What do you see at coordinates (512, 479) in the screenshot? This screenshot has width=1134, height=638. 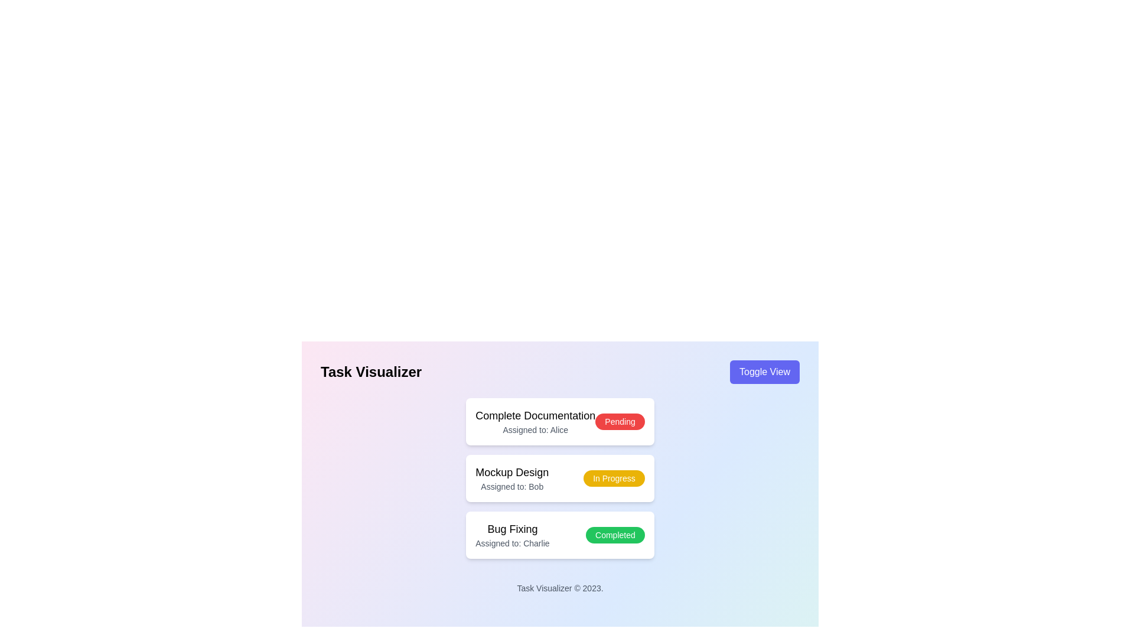 I see `text content of the task block displaying 'Mockup Design' and assigned to 'Bob', which is located in the second task card of three in a vertical list` at bounding box center [512, 479].